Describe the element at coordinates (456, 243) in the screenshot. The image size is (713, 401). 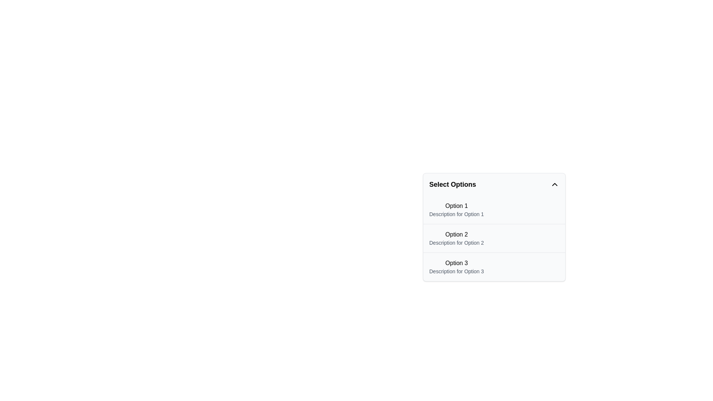
I see `the text element that displays 'Description for Option 2,' which is located directly beneath the main title 'Option 2' in the dropdown menu` at that location.